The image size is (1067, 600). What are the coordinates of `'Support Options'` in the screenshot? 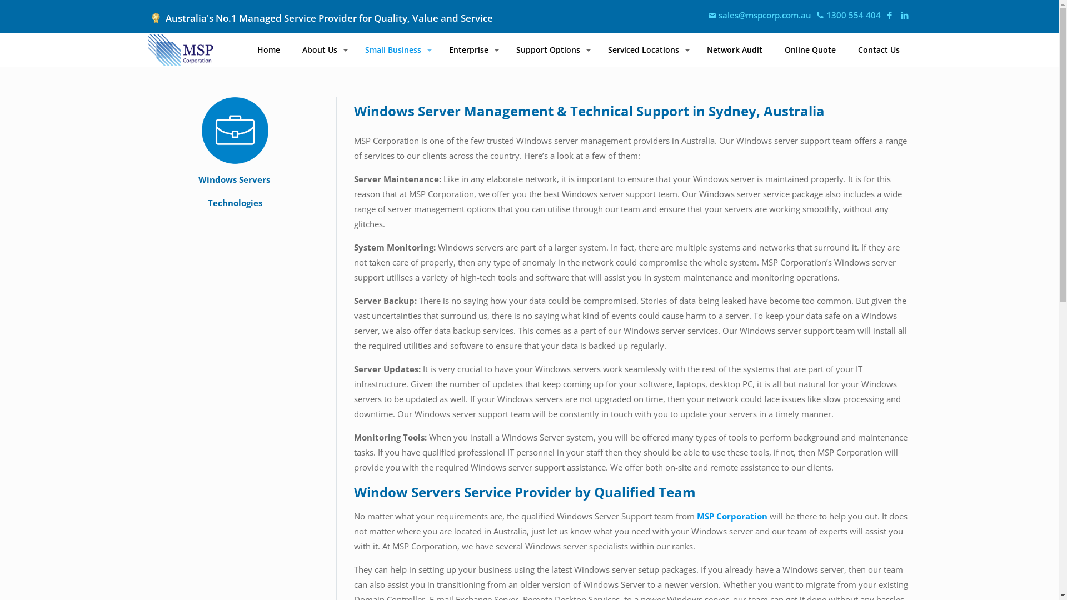 It's located at (550, 49).